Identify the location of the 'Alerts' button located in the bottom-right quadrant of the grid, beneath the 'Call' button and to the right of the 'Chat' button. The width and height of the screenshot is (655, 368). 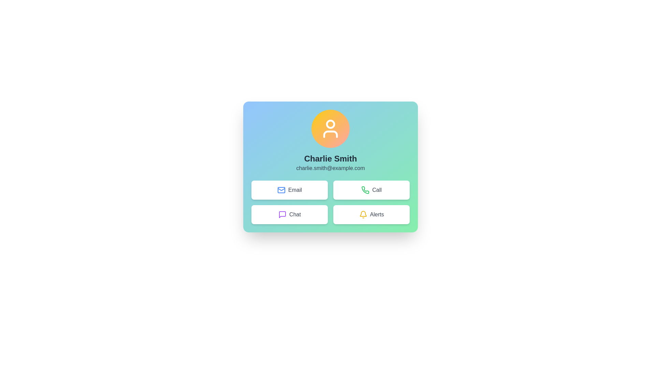
(371, 214).